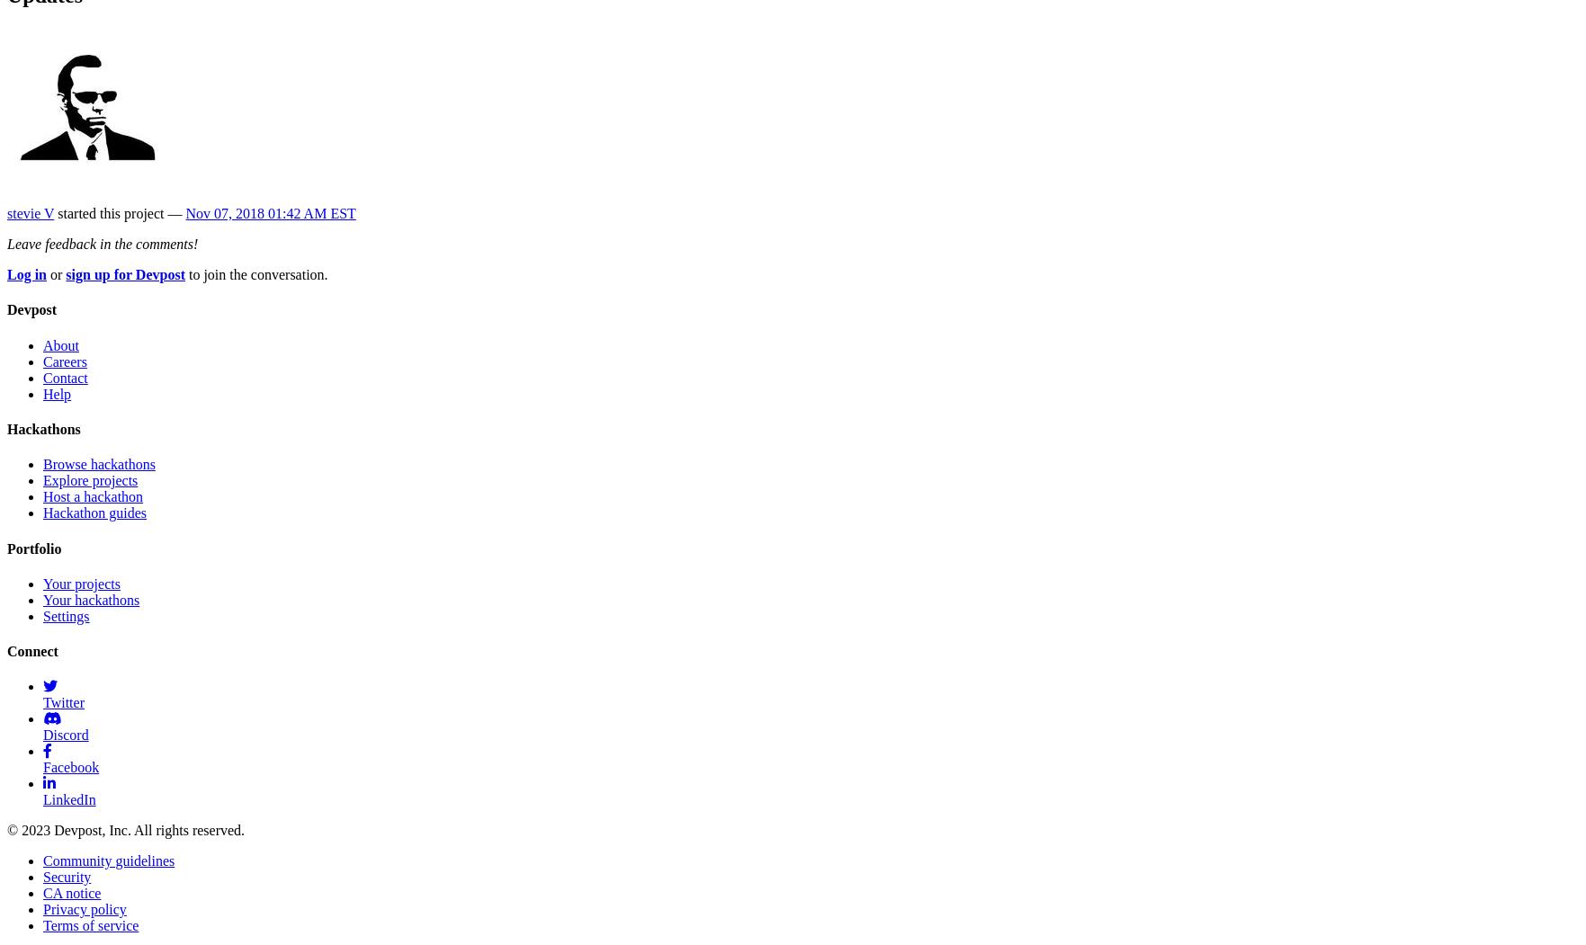  What do you see at coordinates (90, 479) in the screenshot?
I see `'Explore projects'` at bounding box center [90, 479].